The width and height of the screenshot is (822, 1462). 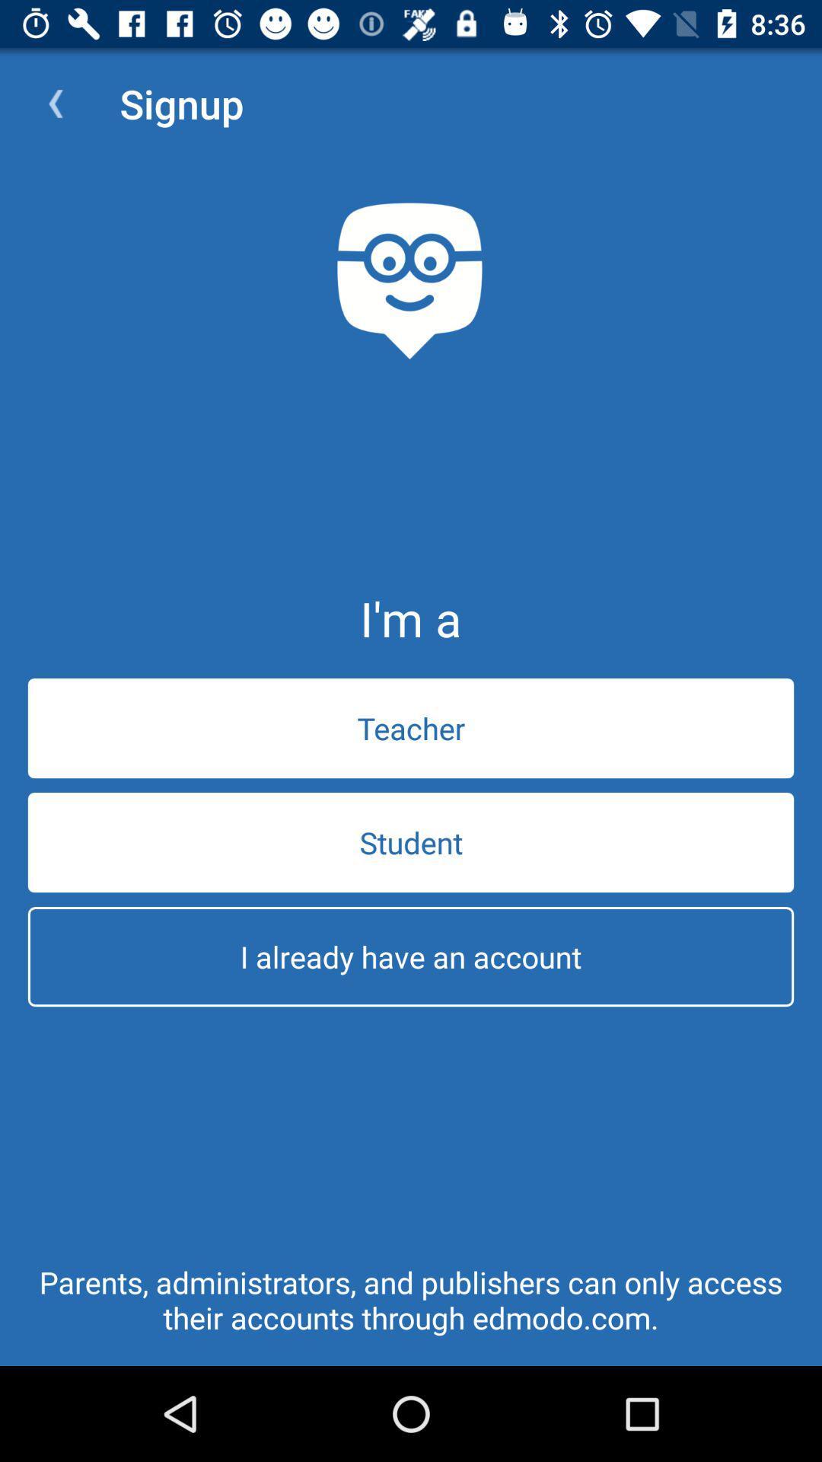 I want to click on icon above parents administrators and item, so click(x=411, y=956).